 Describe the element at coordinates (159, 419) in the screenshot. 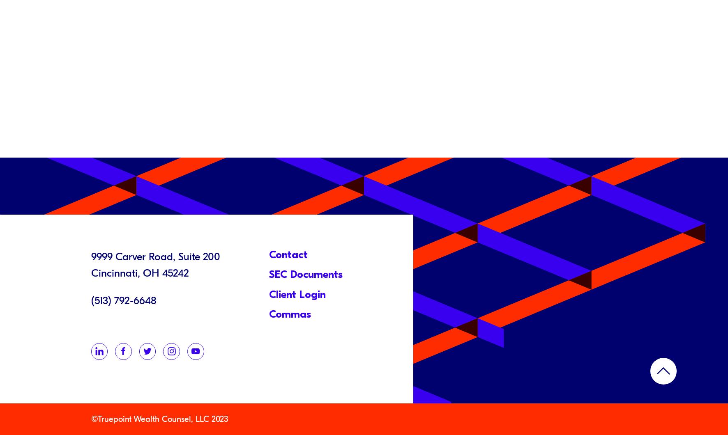

I see `'©Truepoint Wealth Counsel, LLC 2023'` at that location.